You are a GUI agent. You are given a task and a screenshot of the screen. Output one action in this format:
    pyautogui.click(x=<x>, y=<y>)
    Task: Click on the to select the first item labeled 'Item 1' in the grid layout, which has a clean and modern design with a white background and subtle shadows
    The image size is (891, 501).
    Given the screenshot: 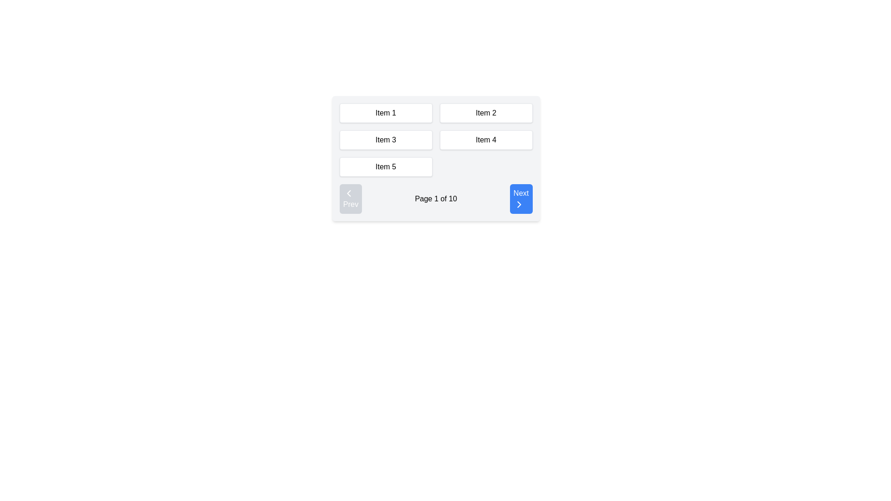 What is the action you would take?
    pyautogui.click(x=386, y=112)
    